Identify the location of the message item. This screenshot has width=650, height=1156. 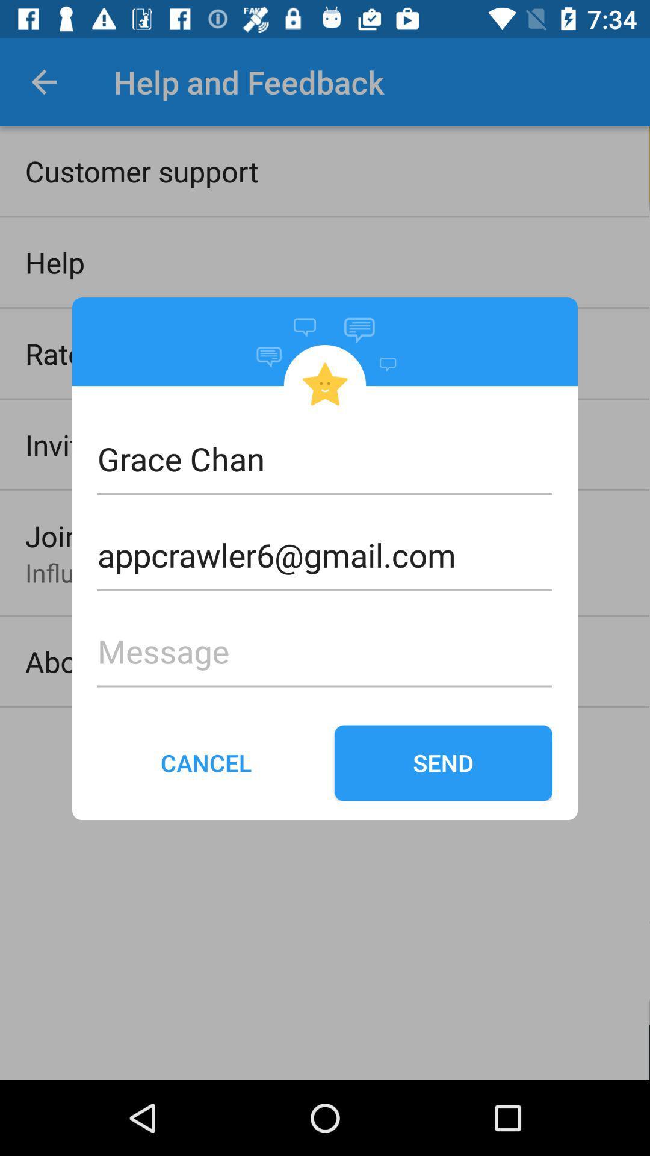
(325, 631).